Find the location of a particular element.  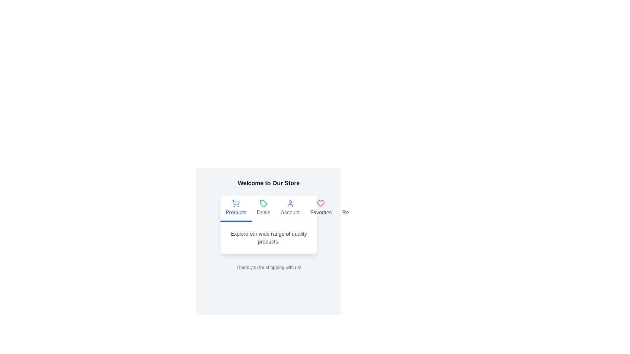

the 'Deals' text label in the navigation bar, which is styled with a slightly larger font and is the second label from the left is located at coordinates (263, 212).